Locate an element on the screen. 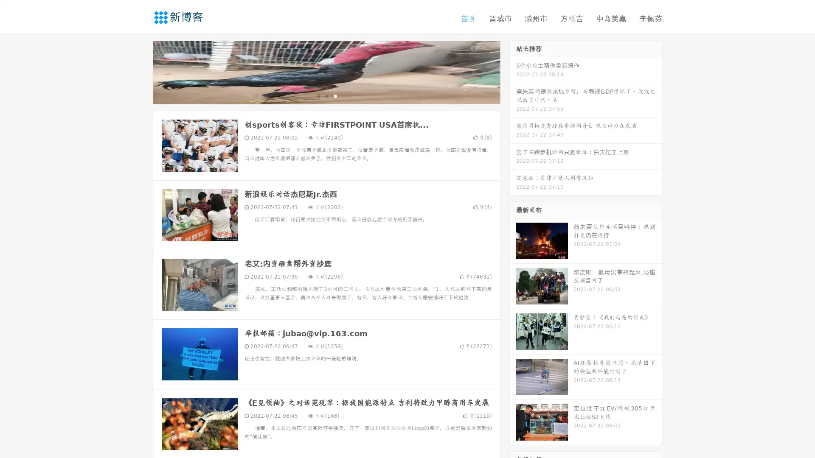  Go to slide 1 is located at coordinates (318, 95).